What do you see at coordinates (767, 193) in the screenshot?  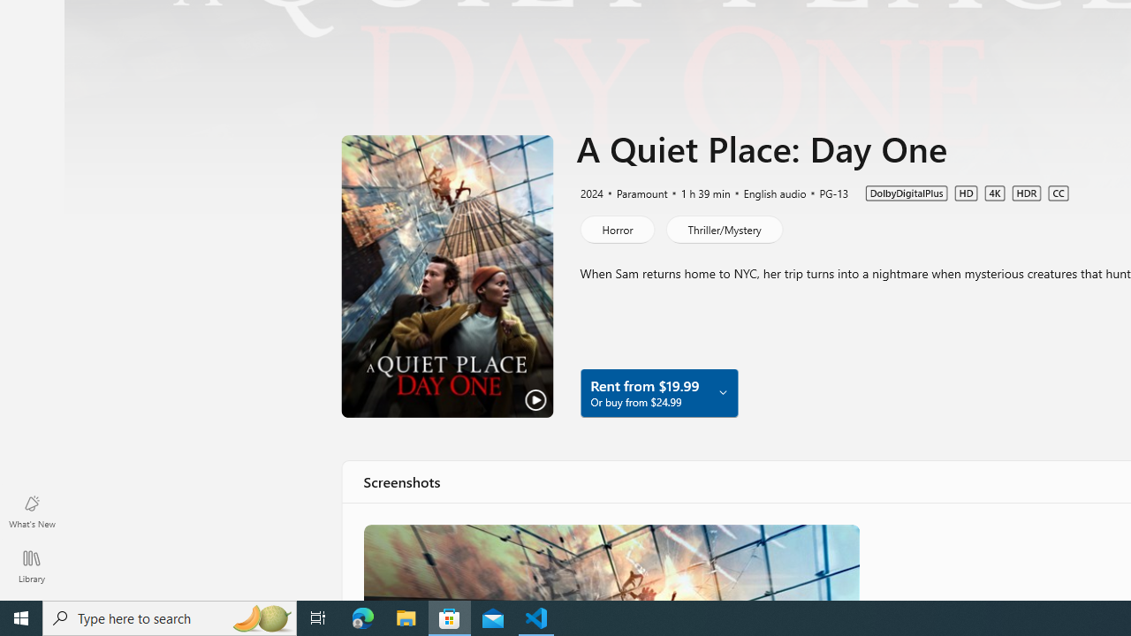 I see `'English audio'` at bounding box center [767, 193].